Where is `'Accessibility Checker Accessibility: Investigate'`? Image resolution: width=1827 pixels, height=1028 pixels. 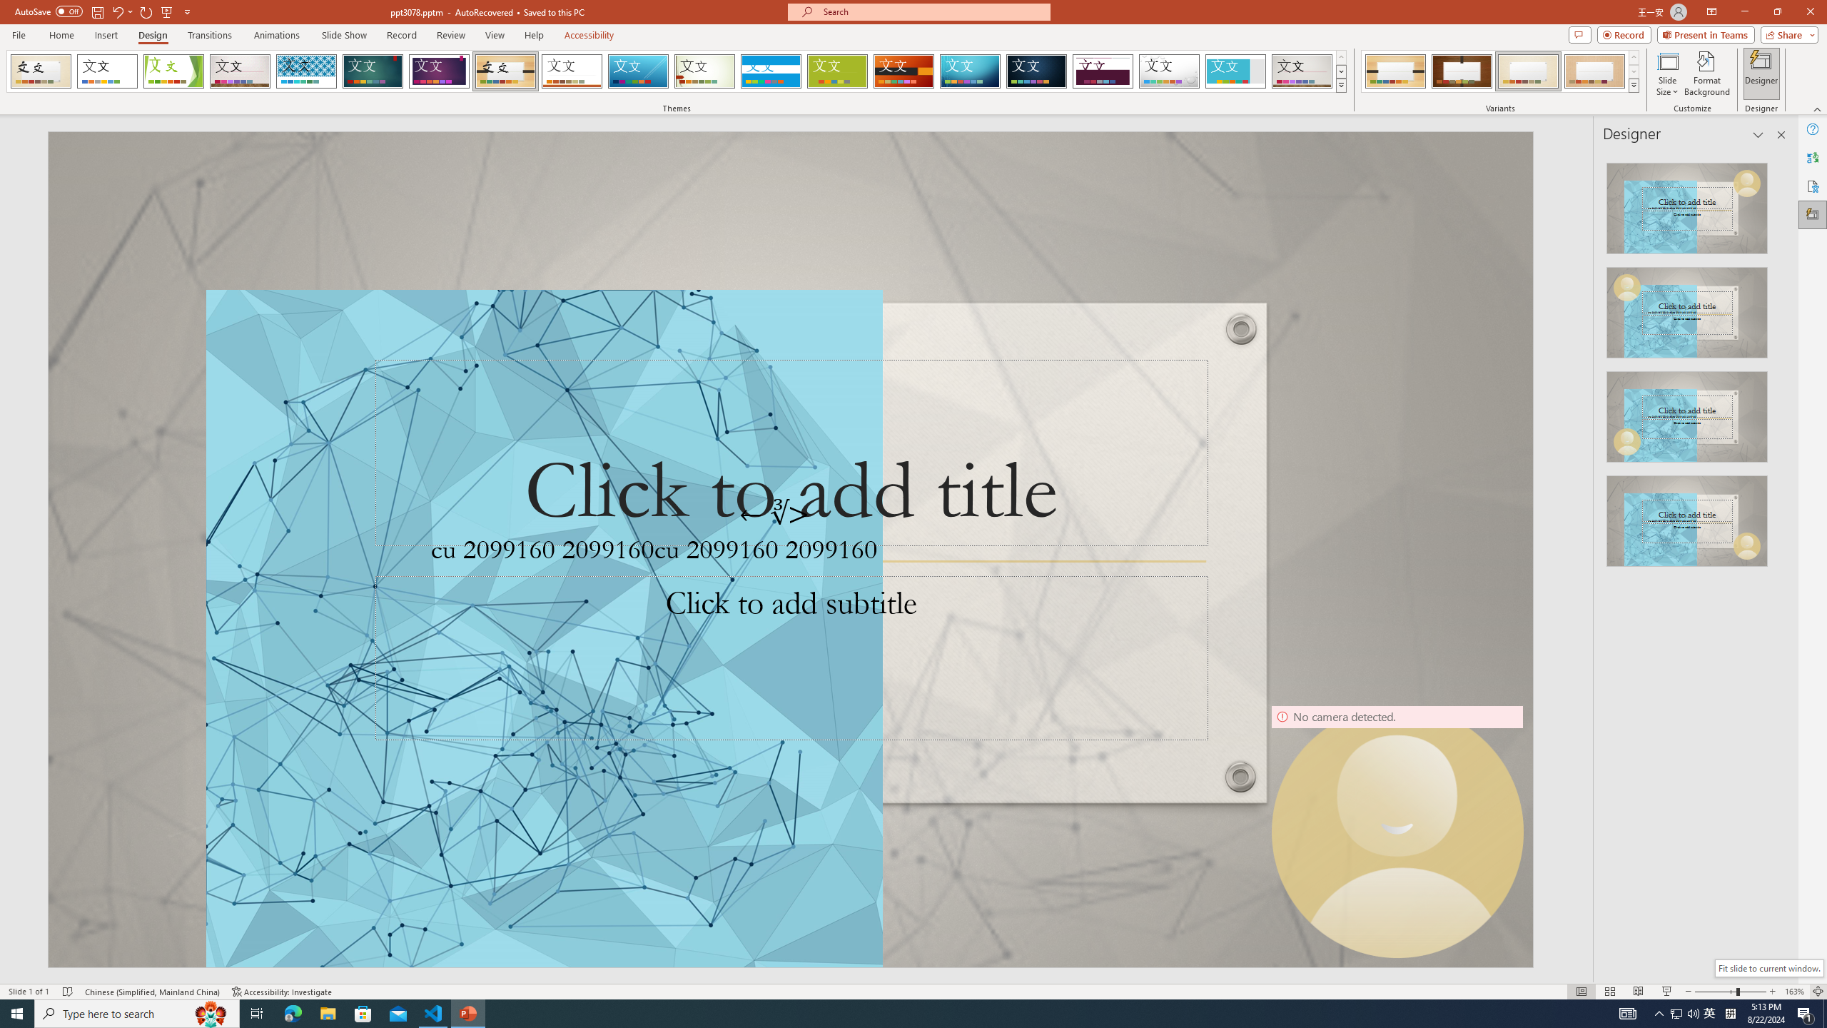 'Accessibility Checker Accessibility: Investigate' is located at coordinates (282, 992).